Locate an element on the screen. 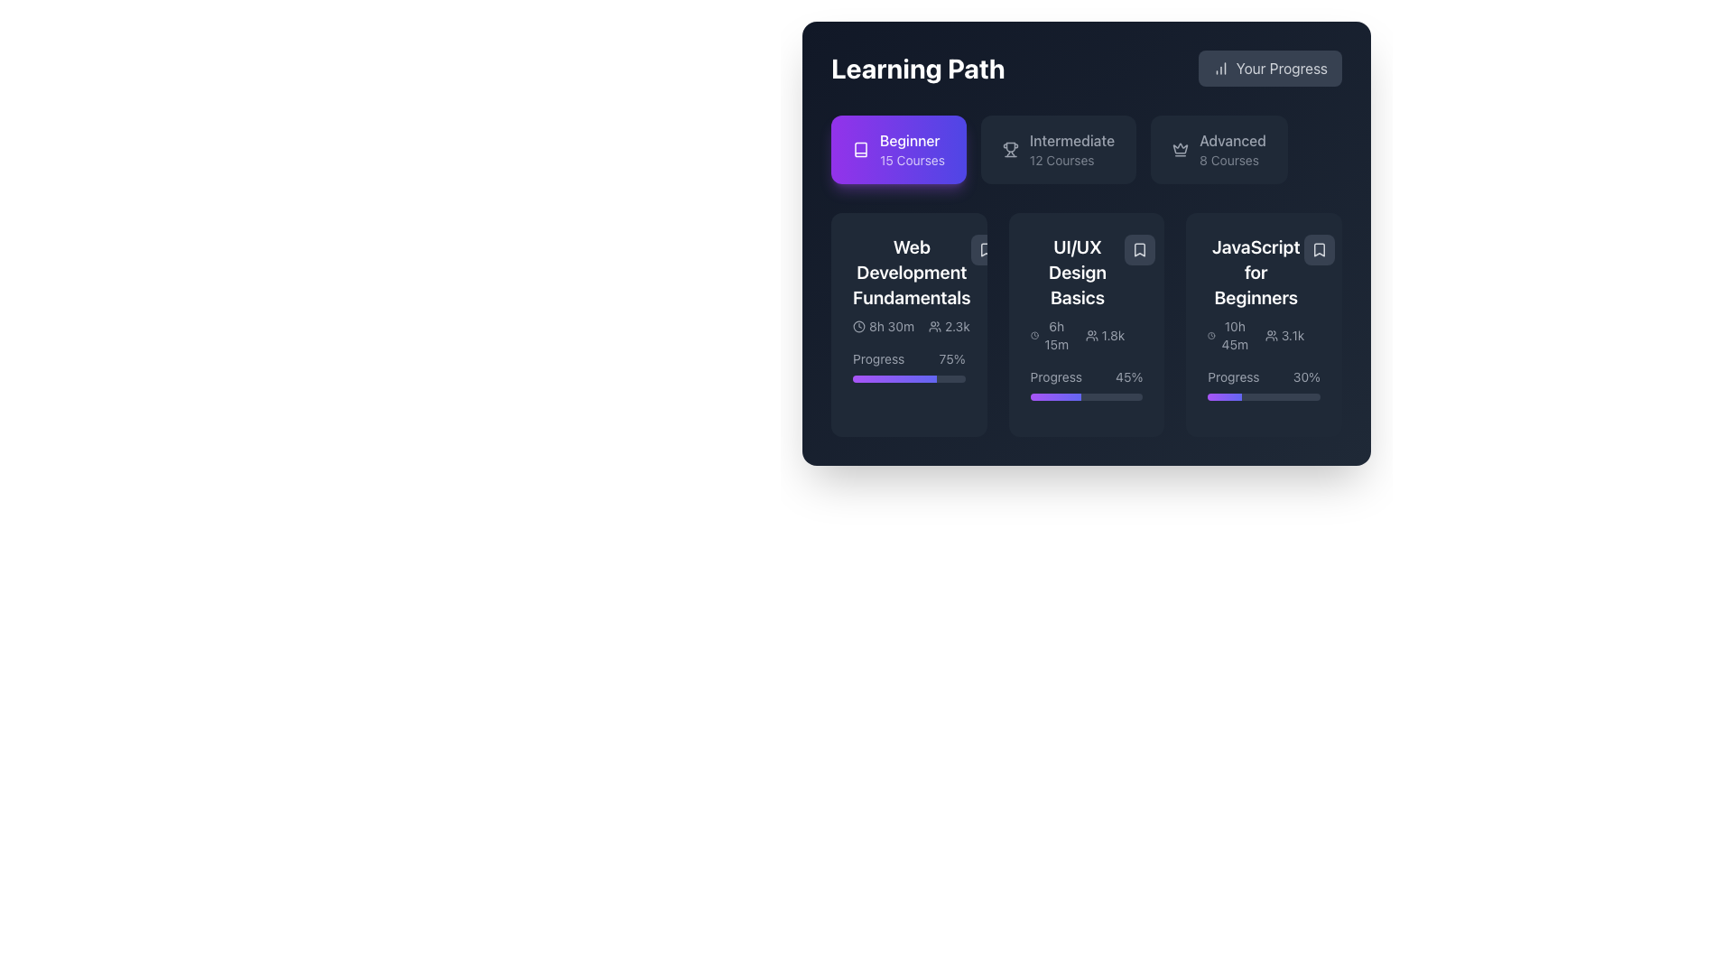 Image resolution: width=1733 pixels, height=975 pixels. the progress is located at coordinates (864, 378).